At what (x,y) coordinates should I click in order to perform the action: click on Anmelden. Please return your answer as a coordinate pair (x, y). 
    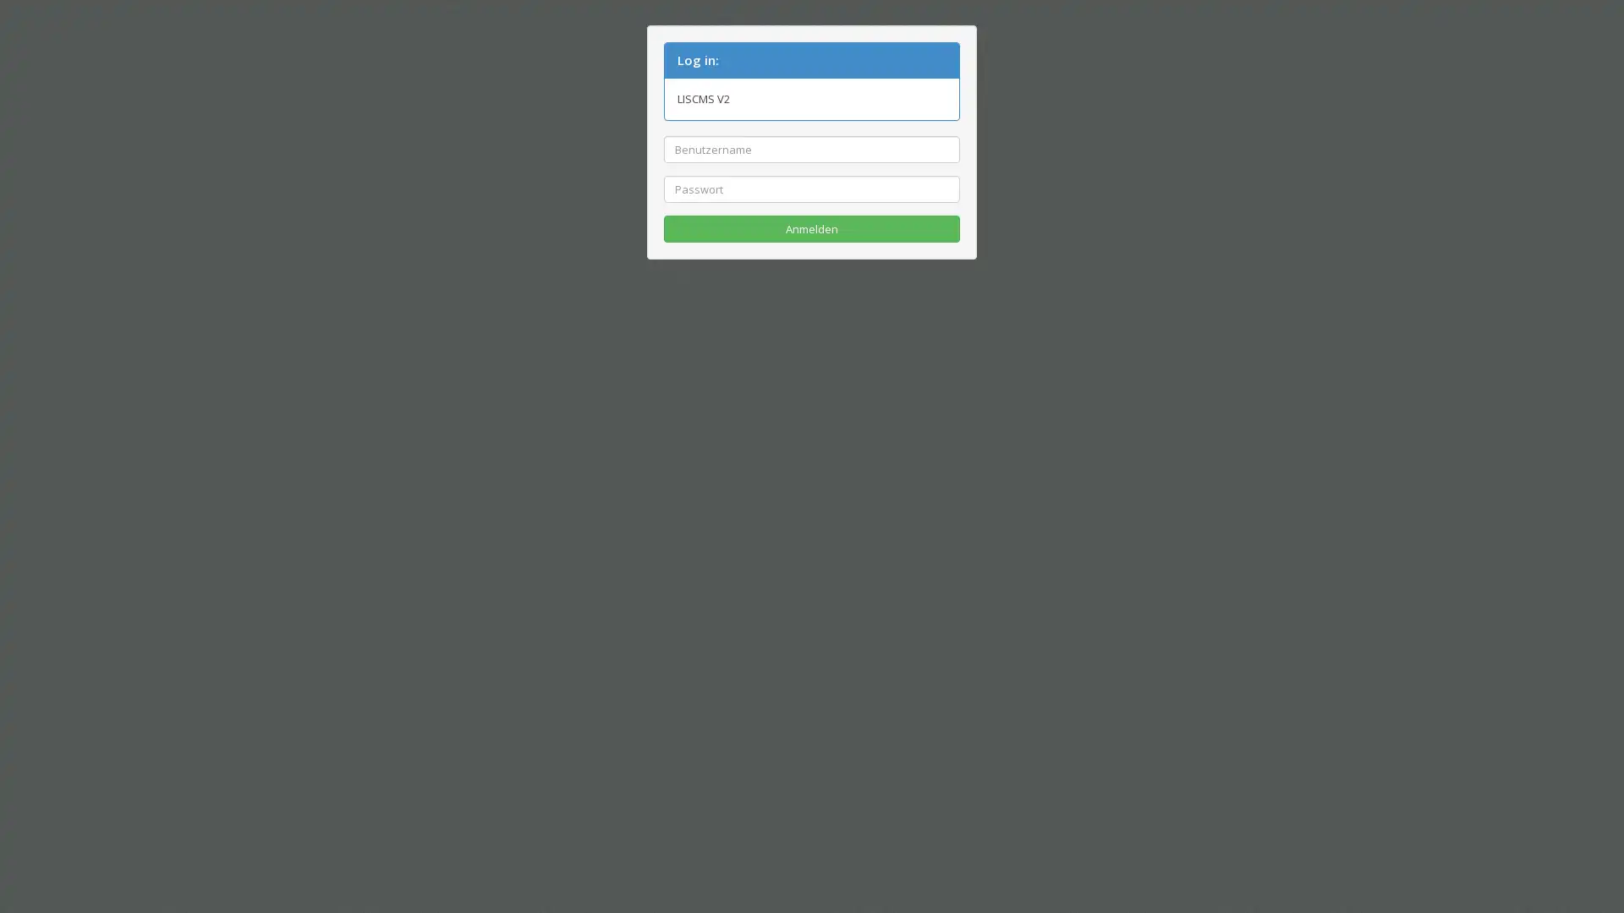
    Looking at the image, I should click on (812, 228).